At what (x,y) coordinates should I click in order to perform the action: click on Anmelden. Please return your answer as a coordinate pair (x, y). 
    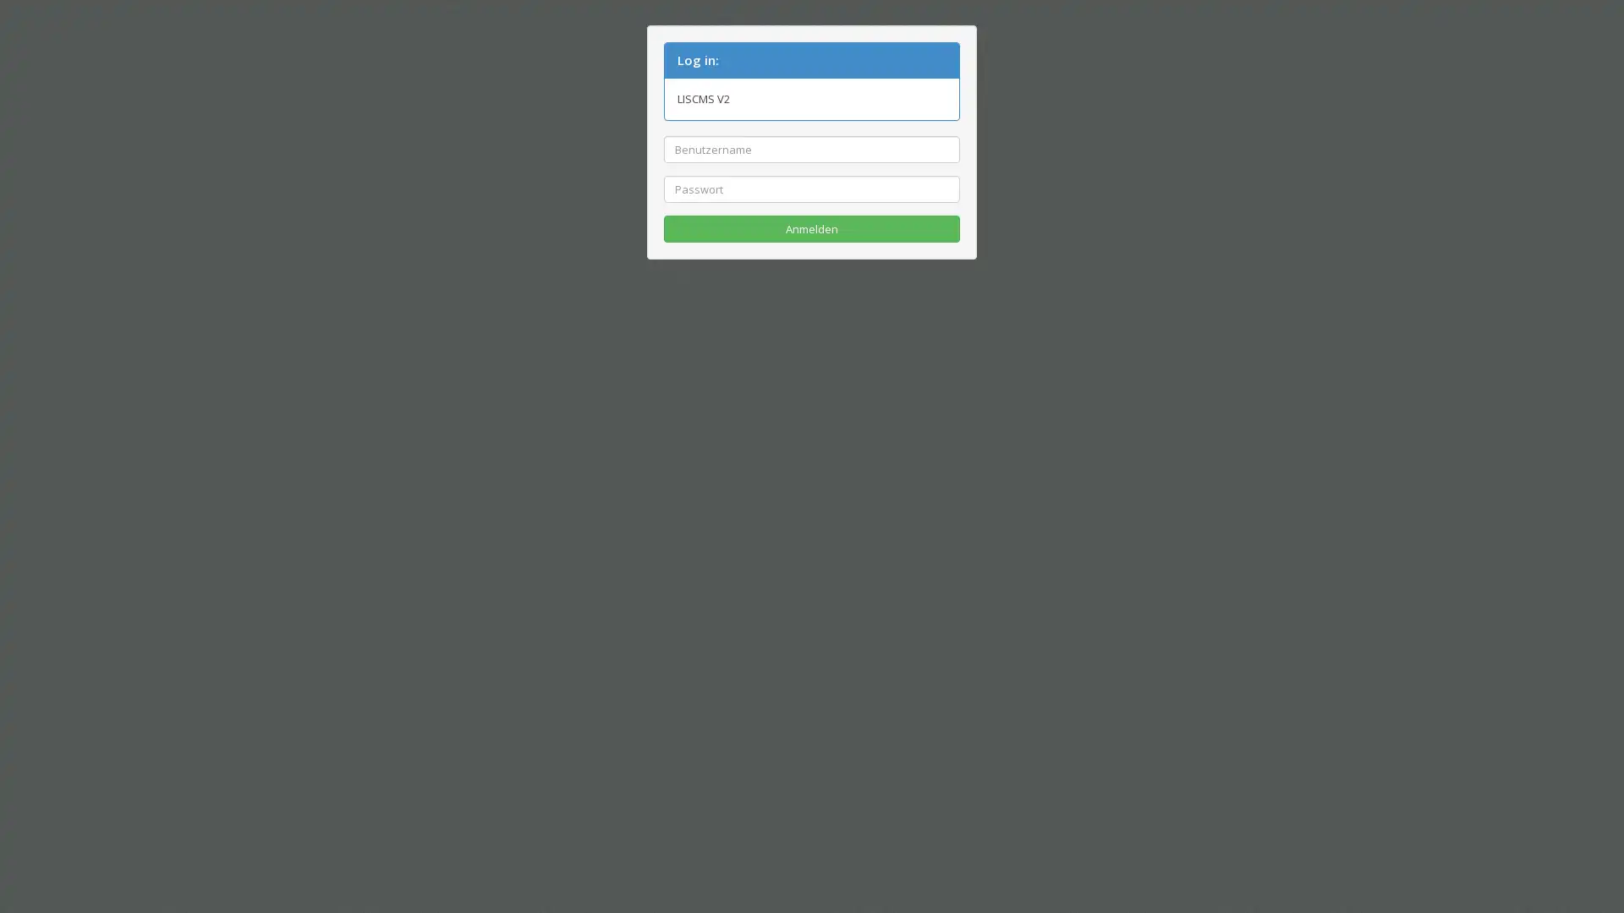
    Looking at the image, I should click on (812, 228).